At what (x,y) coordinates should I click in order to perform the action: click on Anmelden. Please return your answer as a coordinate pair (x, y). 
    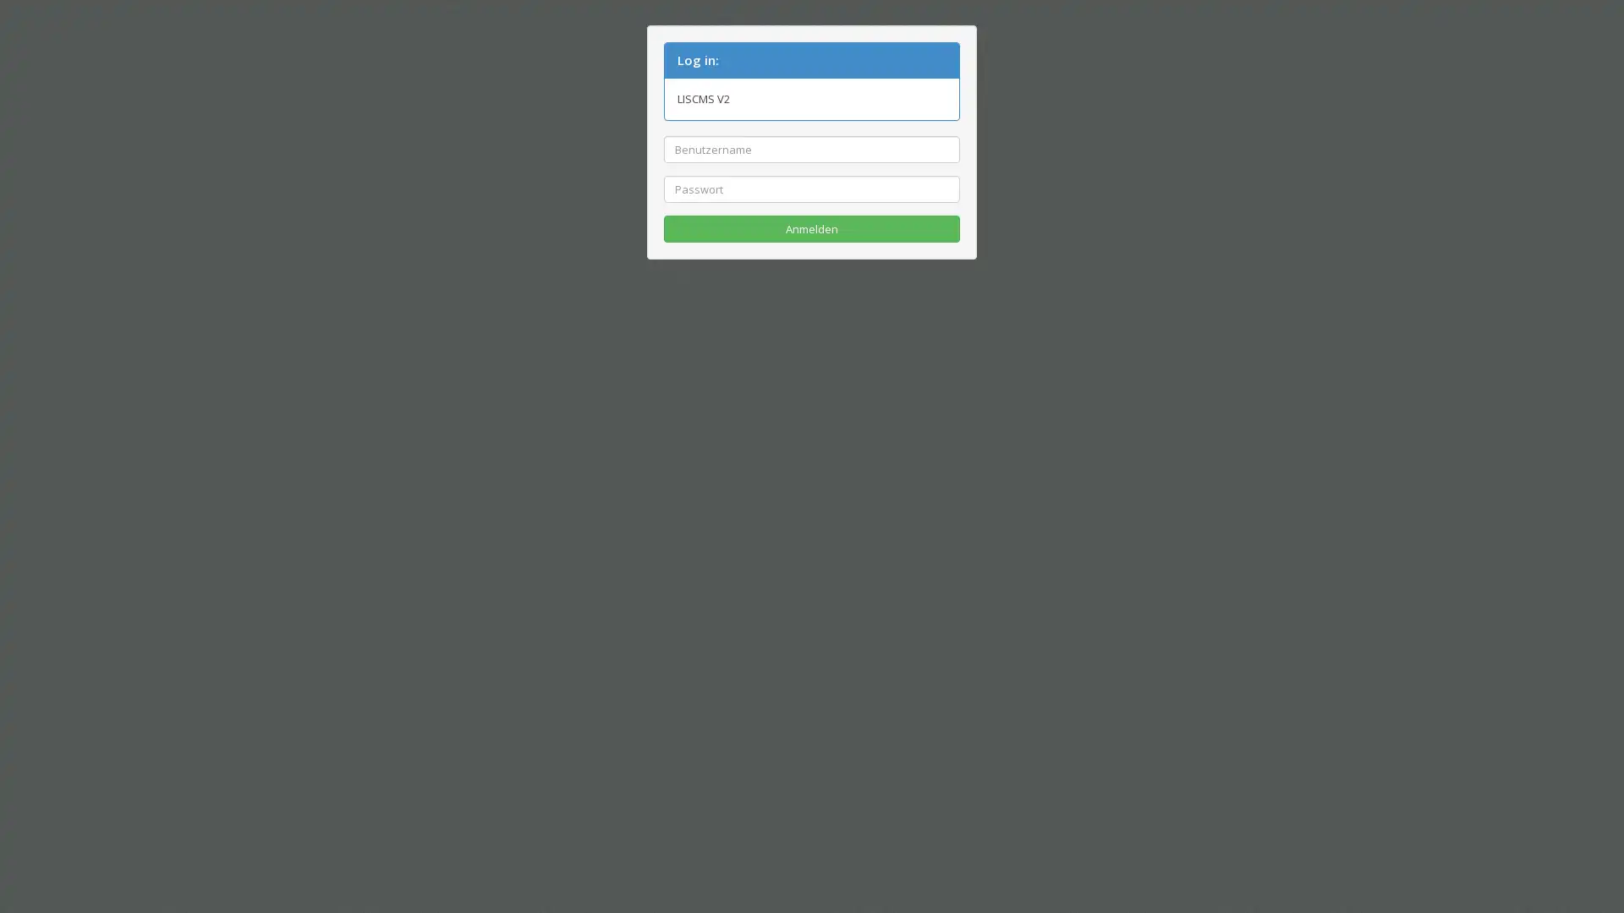
    Looking at the image, I should click on (812, 228).